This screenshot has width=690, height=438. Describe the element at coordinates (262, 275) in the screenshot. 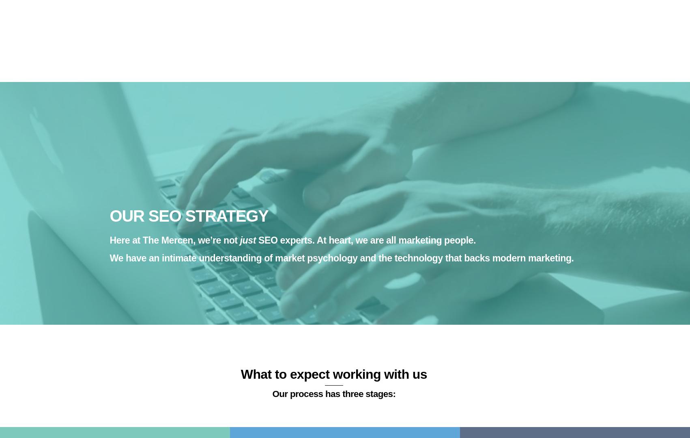

I see `'.'` at that location.